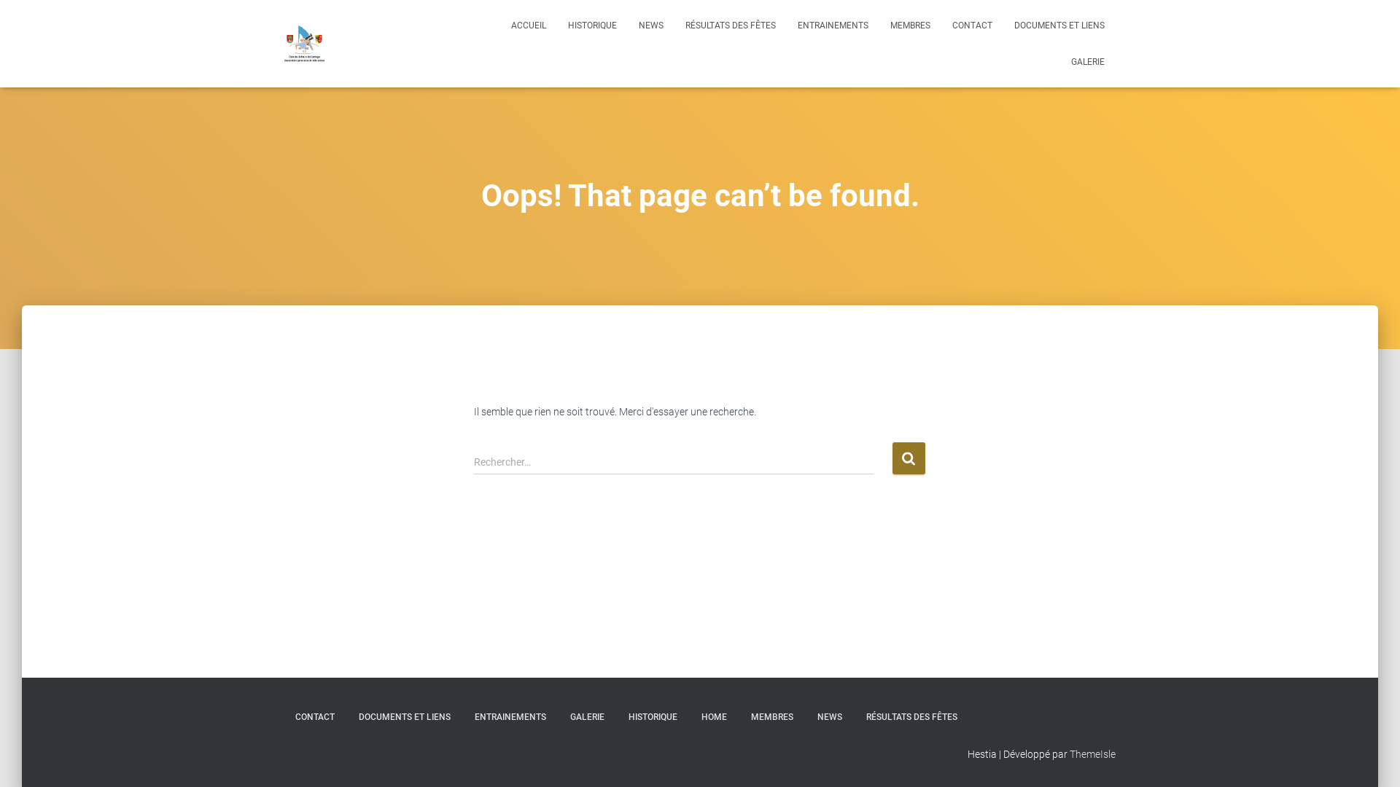 The image size is (1400, 787). Describe the element at coordinates (587, 716) in the screenshot. I see `'GALERIE'` at that location.